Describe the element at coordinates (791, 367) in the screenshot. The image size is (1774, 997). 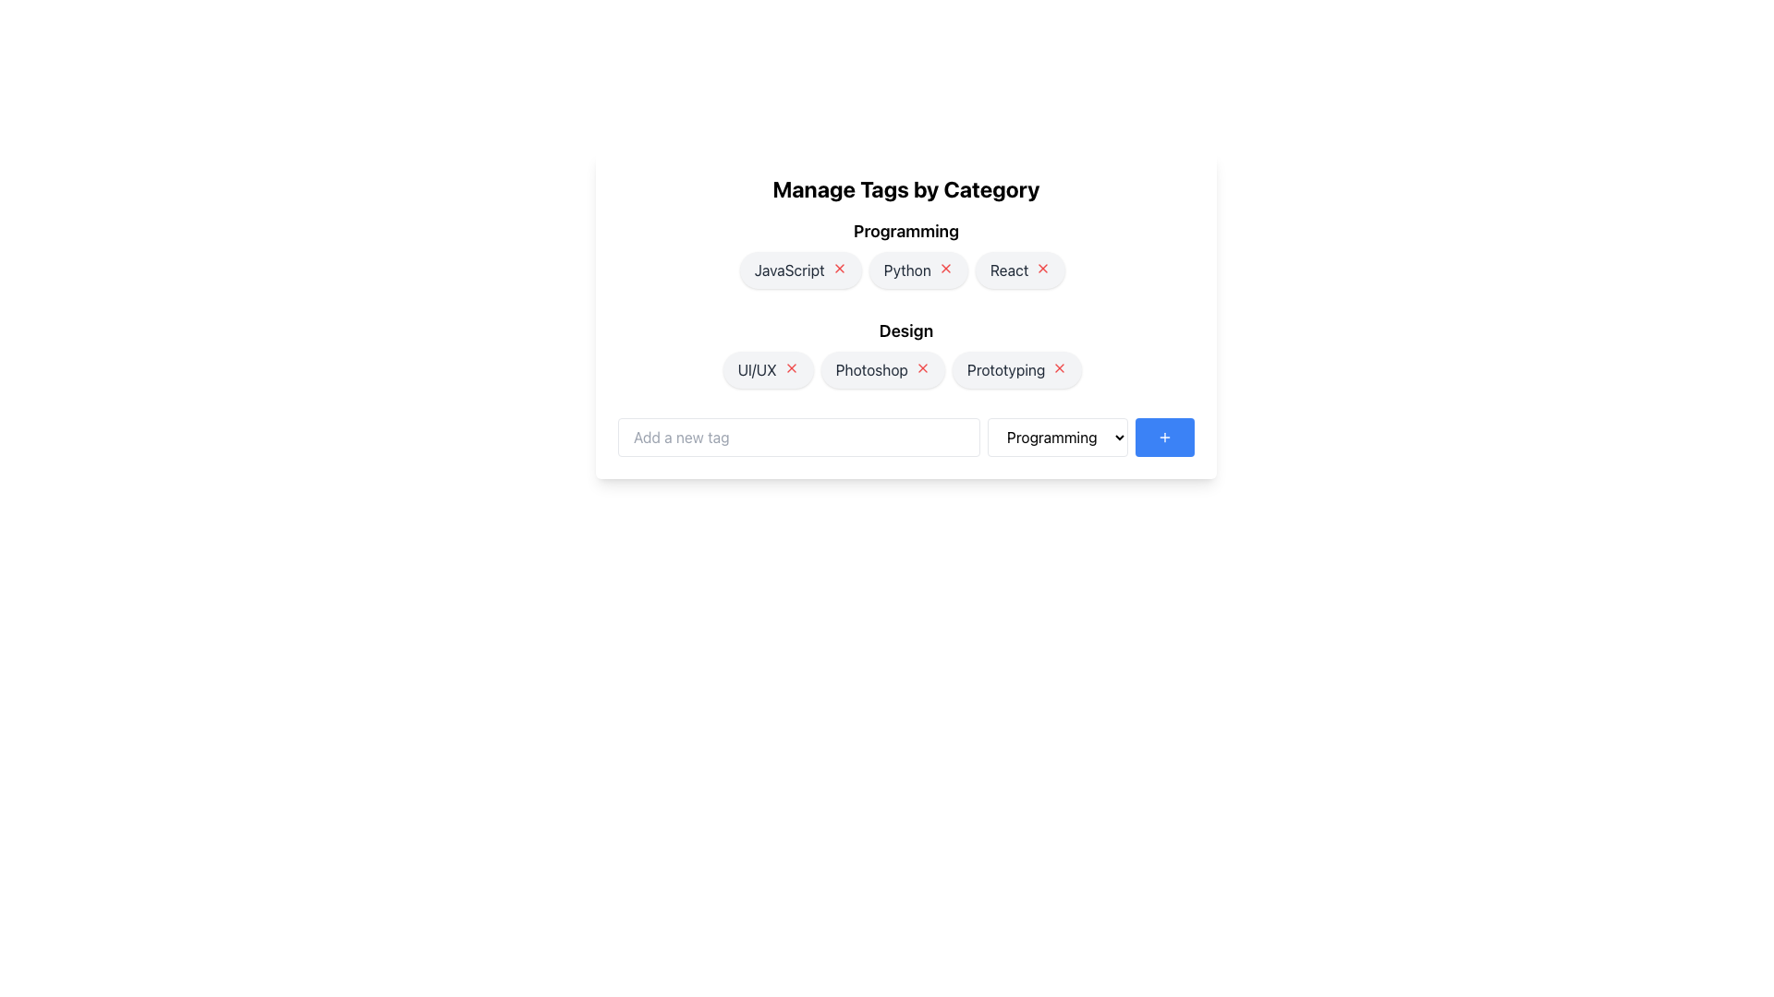
I see `the deletion button located on the right side of the 'UI/UX' tag in the 'Design' section` at that location.